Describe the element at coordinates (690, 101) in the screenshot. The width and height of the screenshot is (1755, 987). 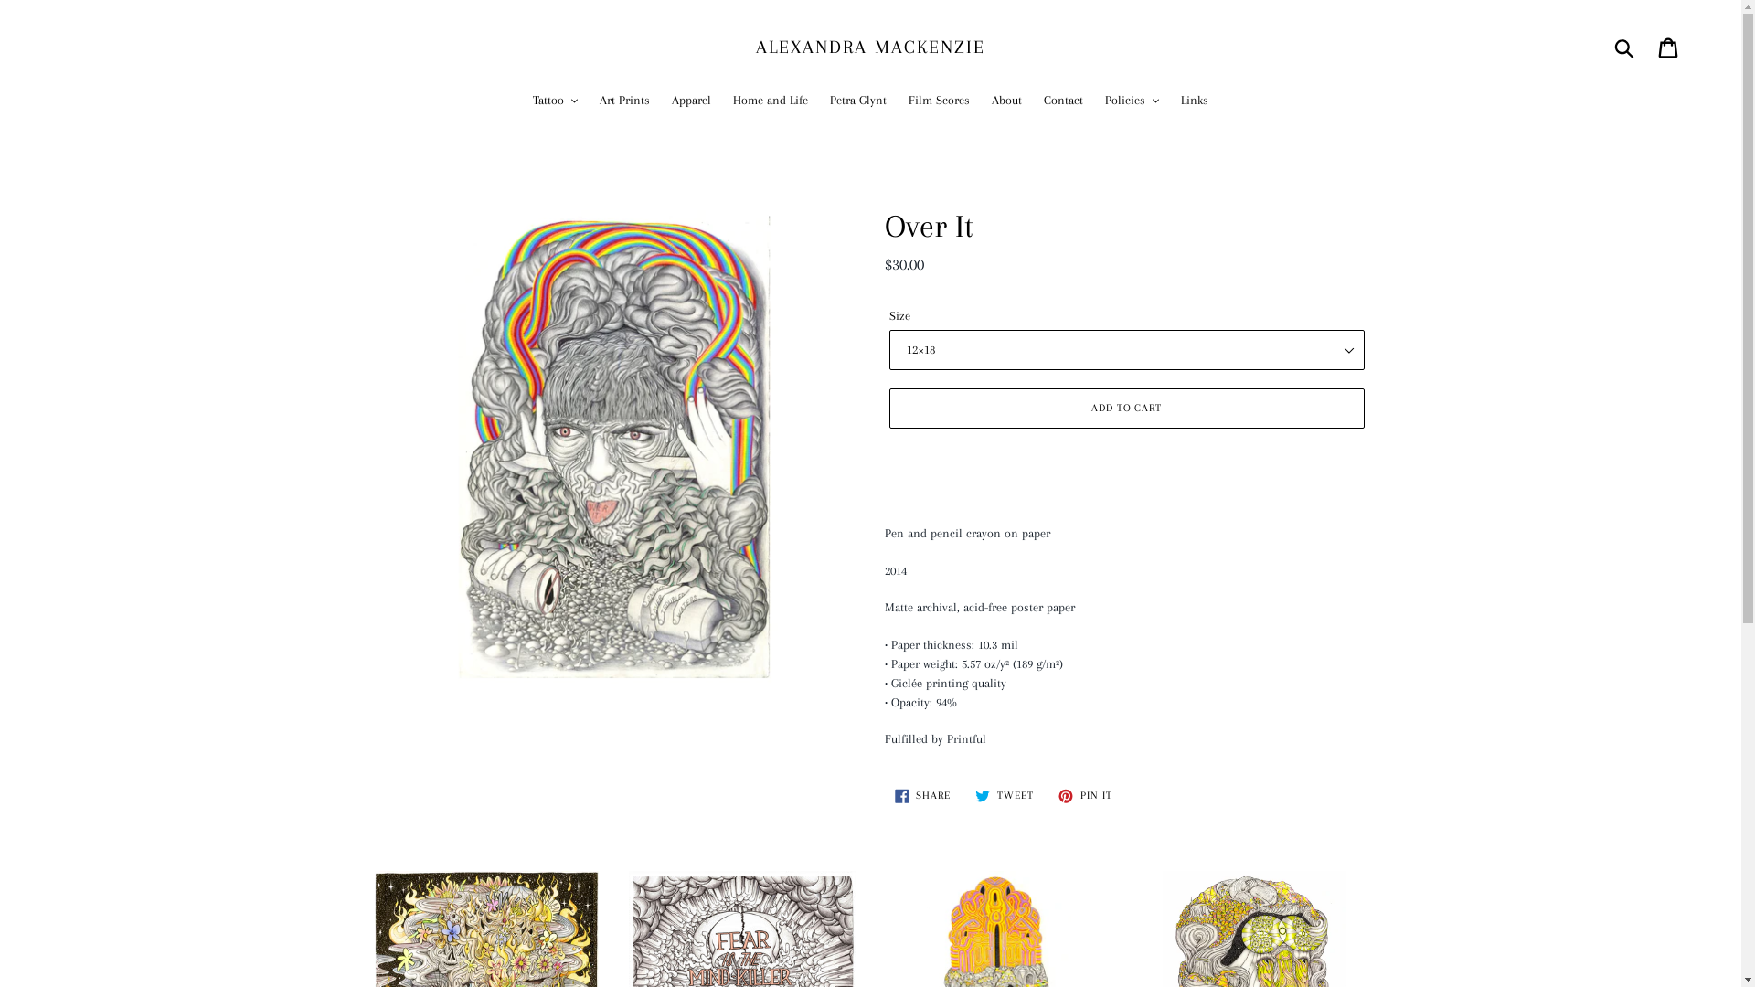
I see `'Apparel'` at that location.